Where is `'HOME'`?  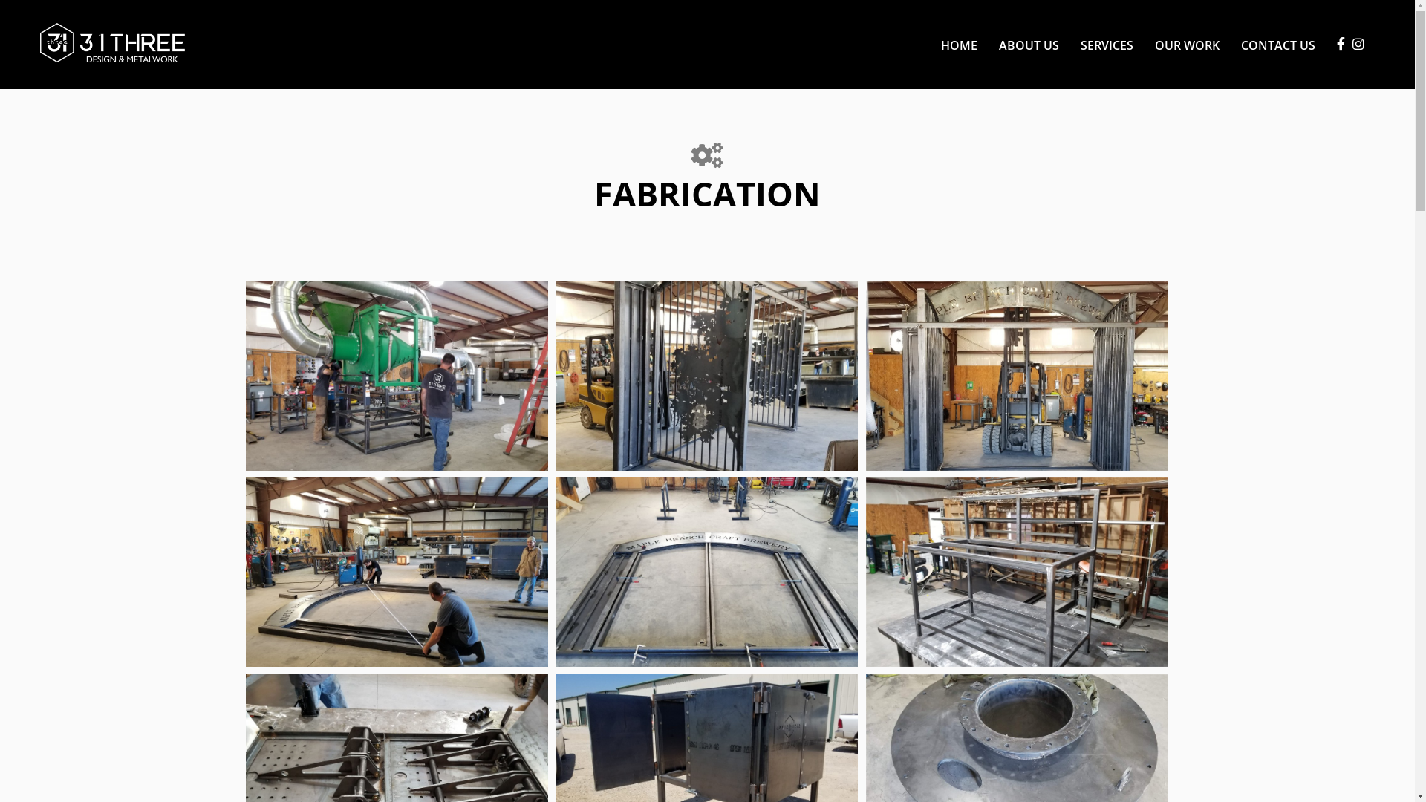 'HOME' is located at coordinates (959, 44).